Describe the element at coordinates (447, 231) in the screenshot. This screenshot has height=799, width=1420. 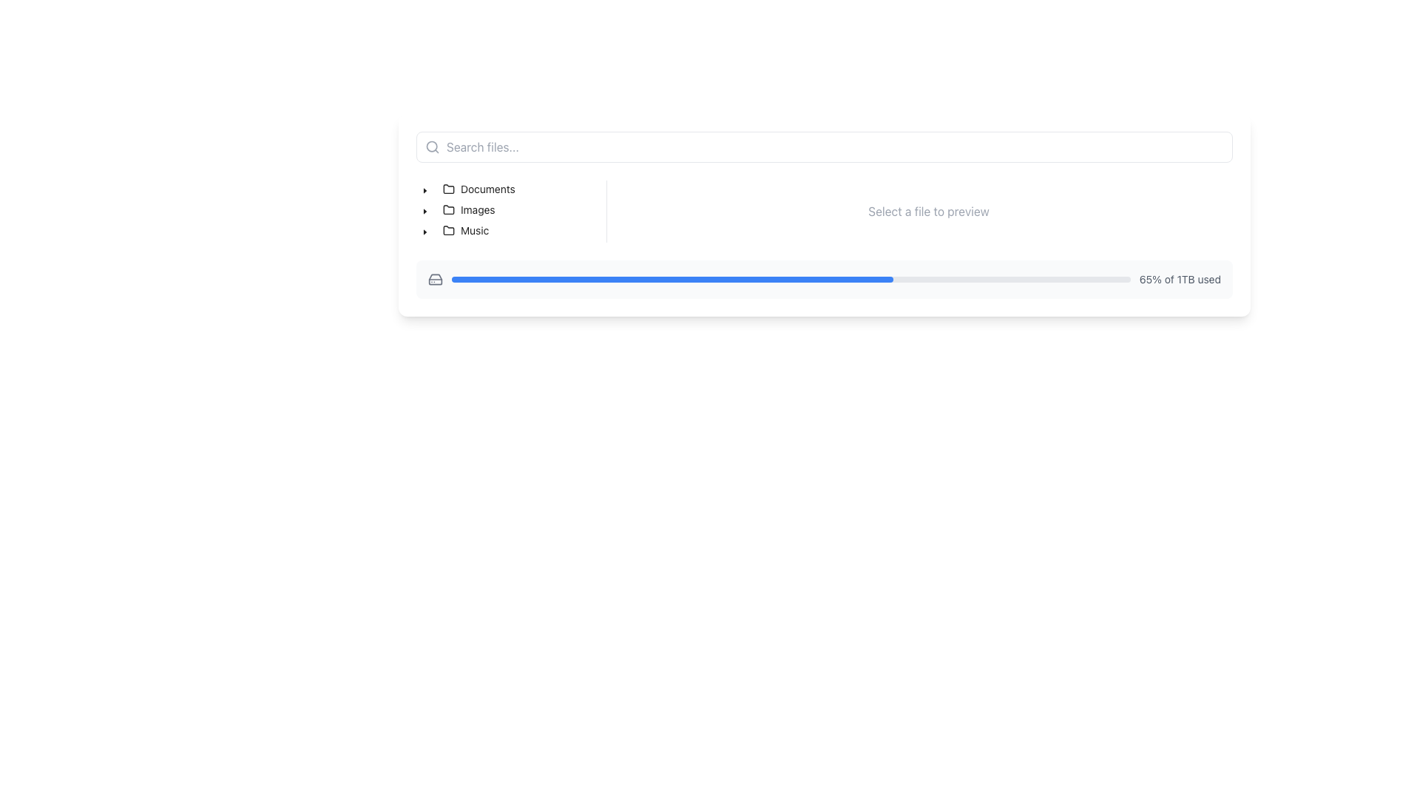
I see `the folder icon located to the left of the text 'Music', which has a gray stroke and no fill color` at that location.